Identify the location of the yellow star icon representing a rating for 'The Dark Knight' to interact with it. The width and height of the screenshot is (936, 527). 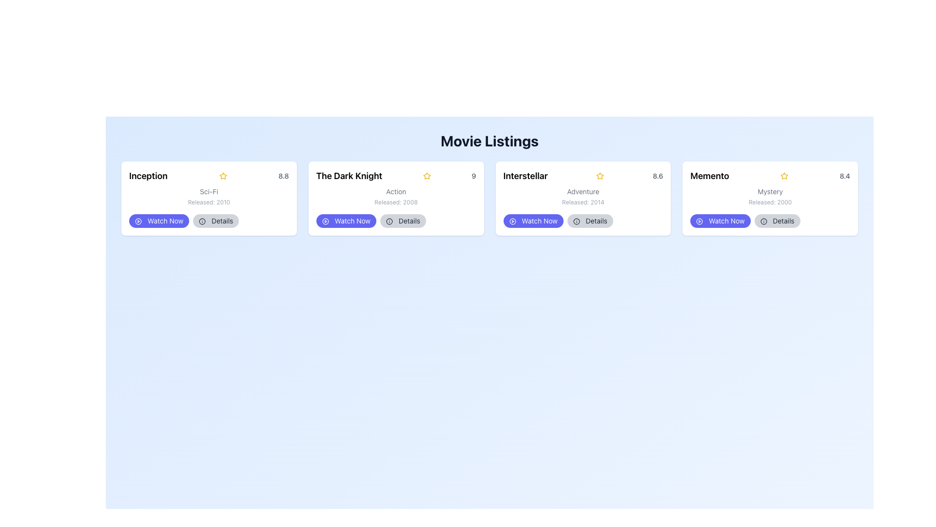
(427, 176).